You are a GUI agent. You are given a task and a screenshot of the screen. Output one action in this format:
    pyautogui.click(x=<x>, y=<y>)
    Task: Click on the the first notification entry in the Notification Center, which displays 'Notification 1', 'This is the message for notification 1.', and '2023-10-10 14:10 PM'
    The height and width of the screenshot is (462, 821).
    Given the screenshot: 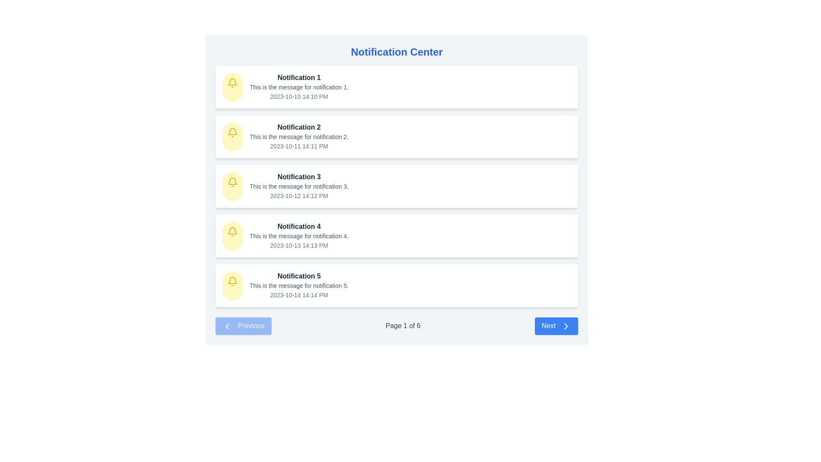 What is the action you would take?
    pyautogui.click(x=299, y=87)
    